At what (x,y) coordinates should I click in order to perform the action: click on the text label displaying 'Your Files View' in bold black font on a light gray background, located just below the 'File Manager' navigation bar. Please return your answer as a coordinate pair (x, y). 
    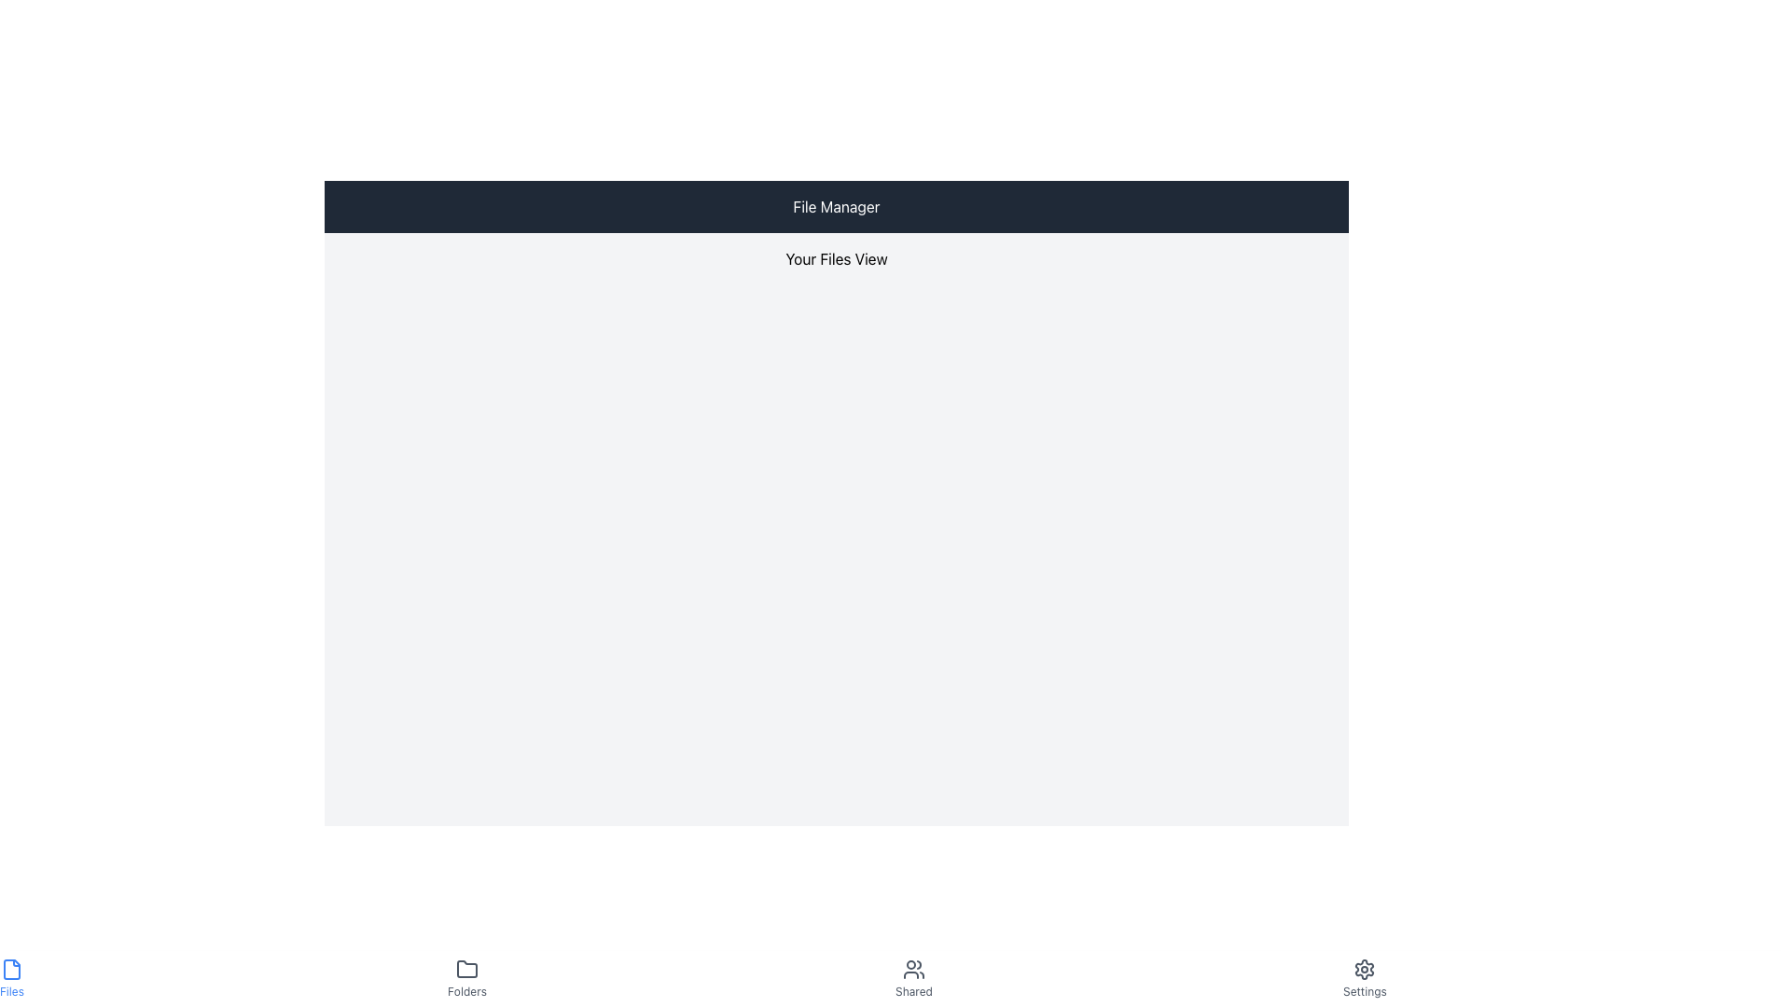
    Looking at the image, I should click on (836, 258).